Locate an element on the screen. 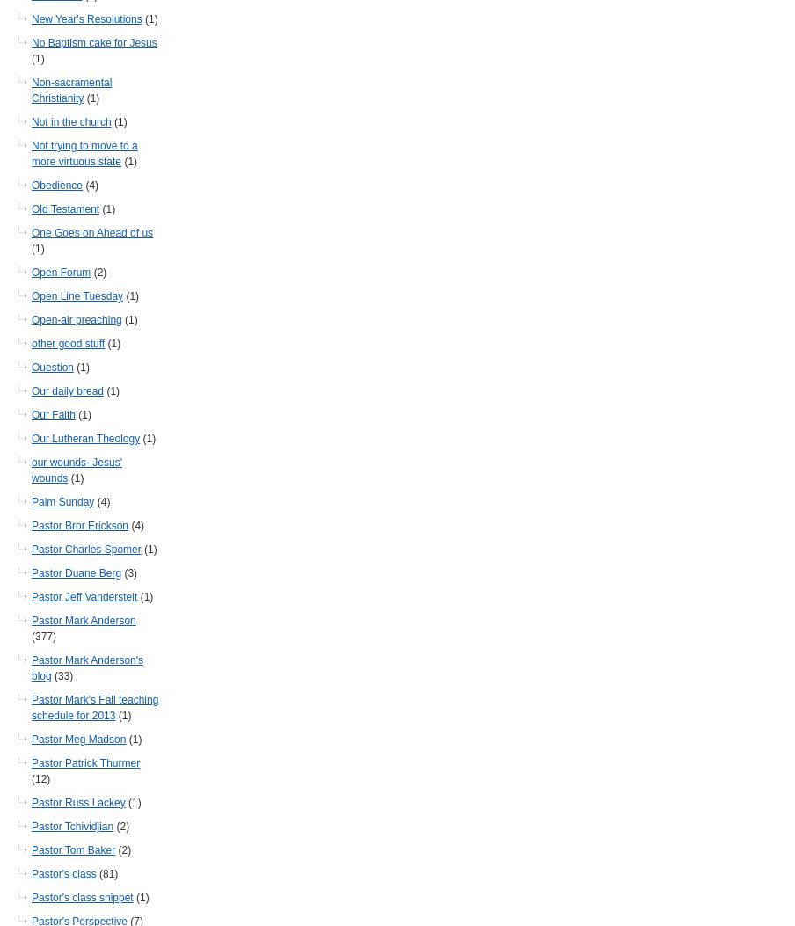  'Pastor Meg Madson' is located at coordinates (78, 739).